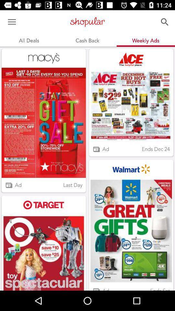 Image resolution: width=175 pixels, height=311 pixels. I want to click on the icon above the all deals, so click(12, 22).